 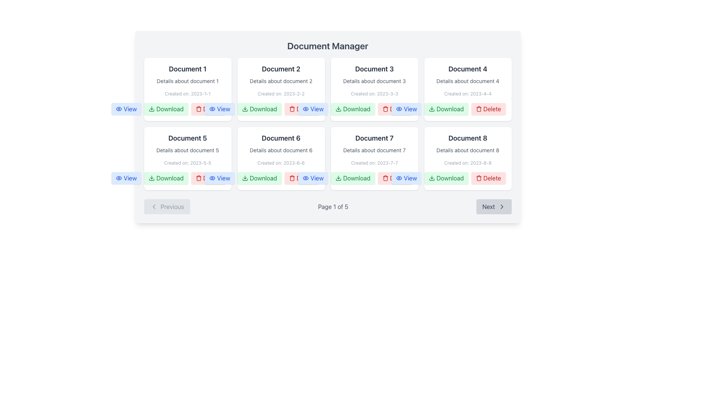 What do you see at coordinates (446, 109) in the screenshot?
I see `the Download button located at the bottom-right of the card for 'Document 4' to initiate a file download` at bounding box center [446, 109].